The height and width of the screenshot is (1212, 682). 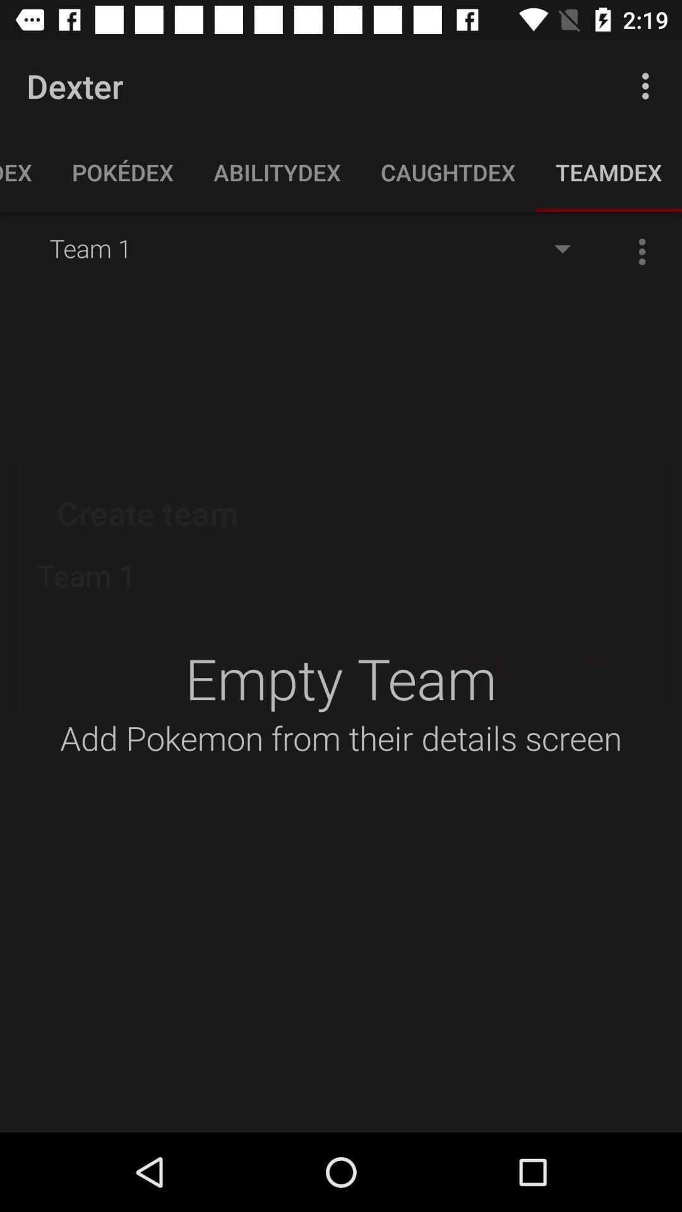 What do you see at coordinates (649, 85) in the screenshot?
I see `the icon above teamdex` at bounding box center [649, 85].